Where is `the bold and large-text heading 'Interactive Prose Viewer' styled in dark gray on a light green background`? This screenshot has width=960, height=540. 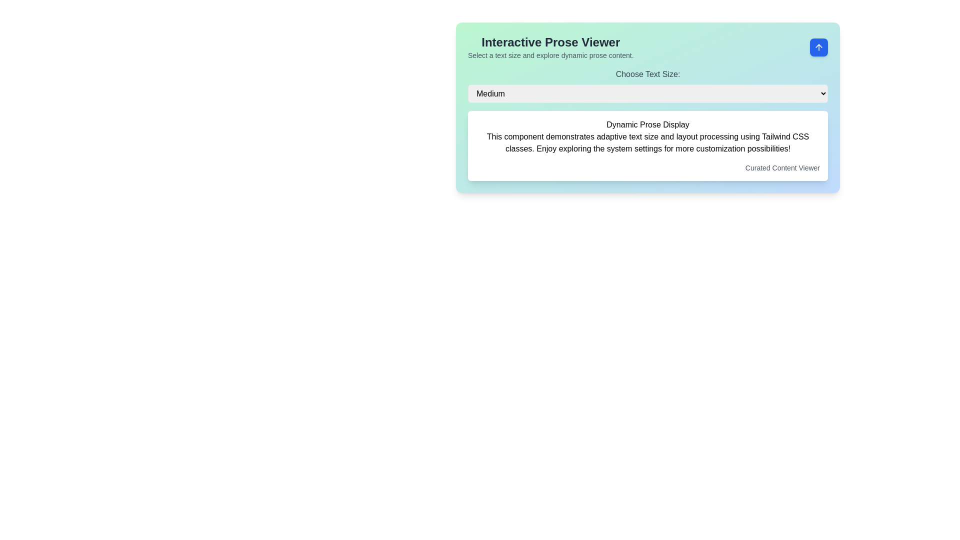
the bold and large-text heading 'Interactive Prose Viewer' styled in dark gray on a light green background is located at coordinates (550, 41).